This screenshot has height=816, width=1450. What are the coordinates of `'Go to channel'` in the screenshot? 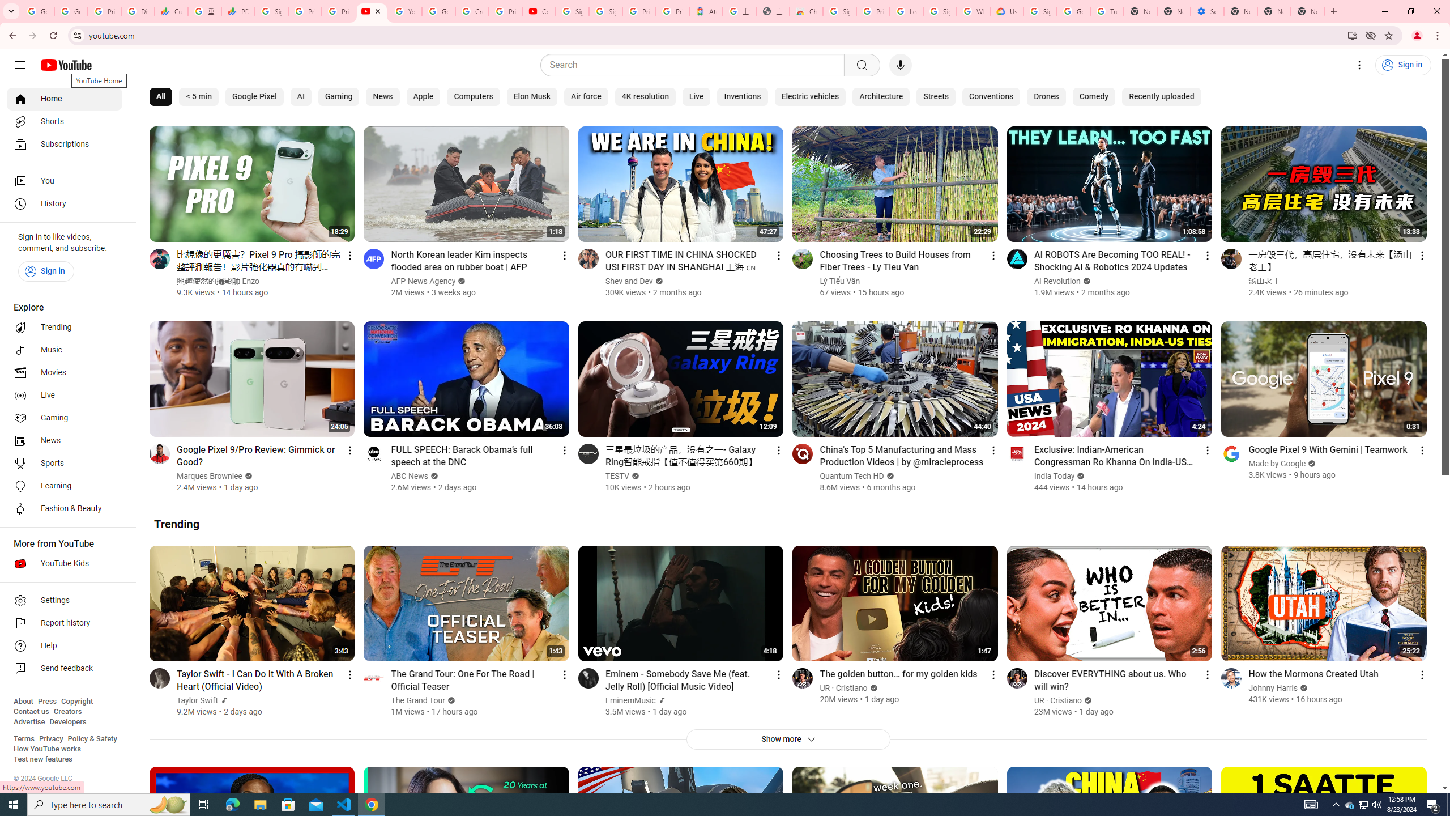 It's located at (1231, 677).